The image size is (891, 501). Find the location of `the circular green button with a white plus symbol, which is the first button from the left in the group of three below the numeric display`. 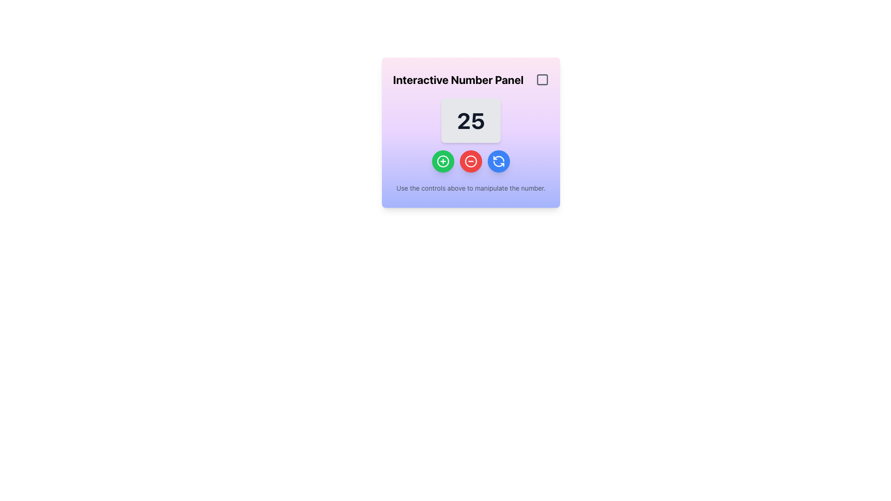

the circular green button with a white plus symbol, which is the first button from the left in the group of three below the numeric display is located at coordinates (443, 161).